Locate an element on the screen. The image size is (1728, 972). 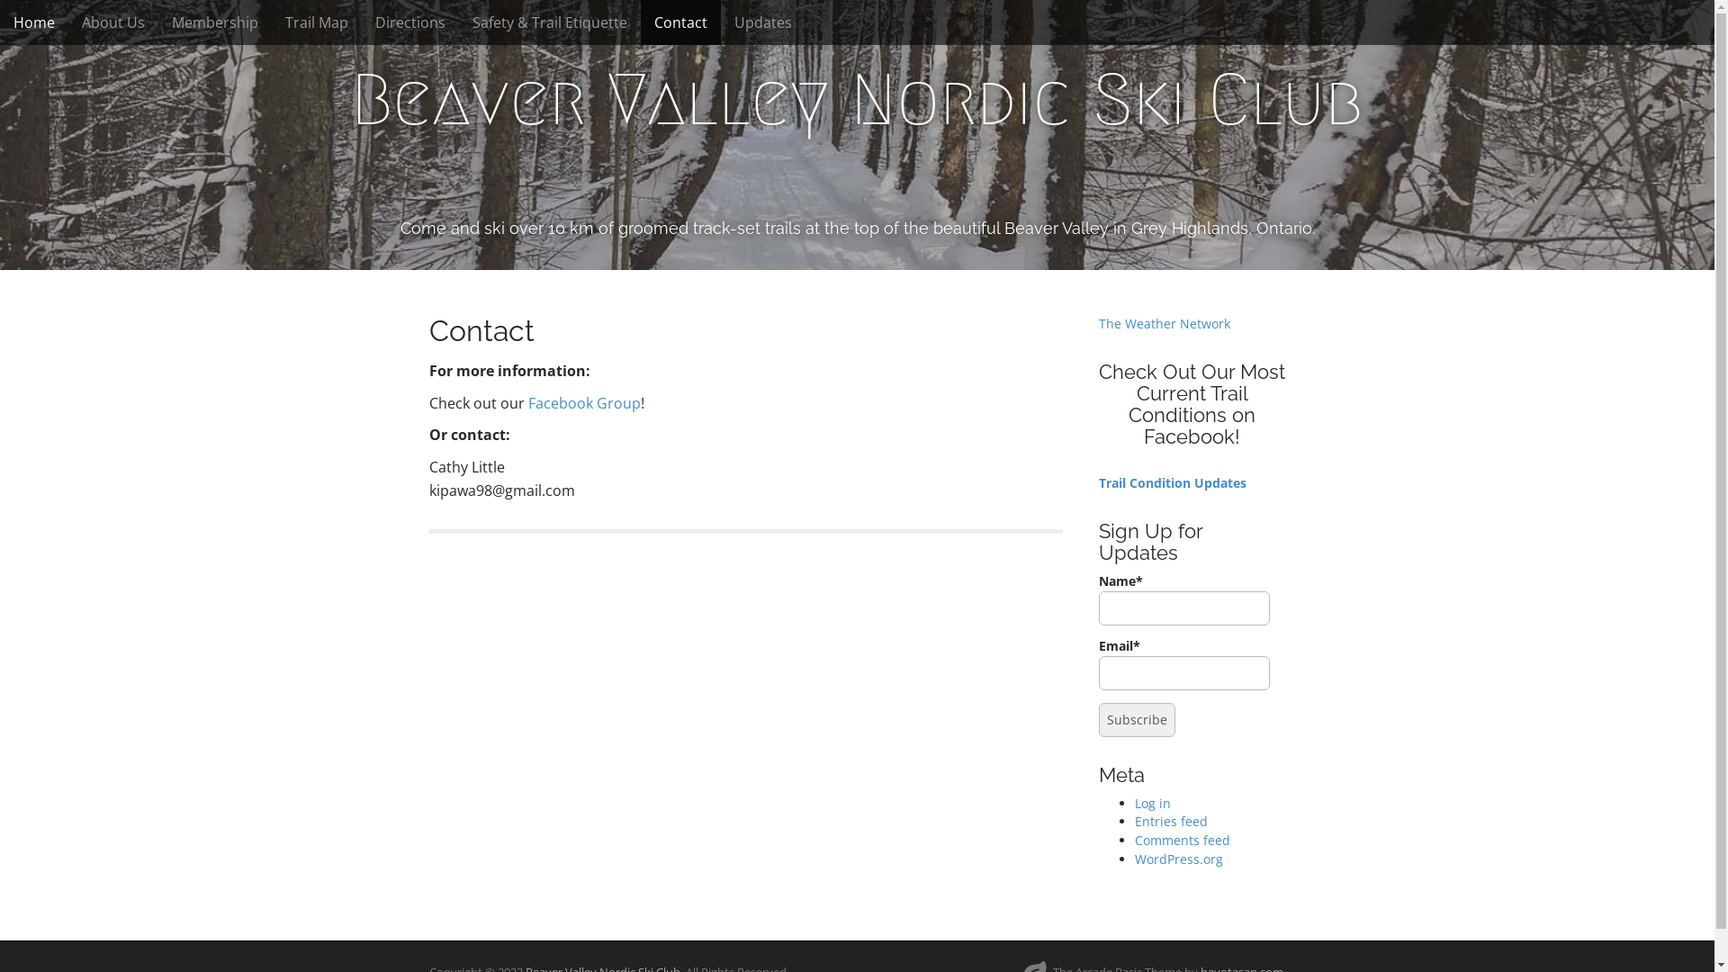
'Trail Map' is located at coordinates (316, 22).